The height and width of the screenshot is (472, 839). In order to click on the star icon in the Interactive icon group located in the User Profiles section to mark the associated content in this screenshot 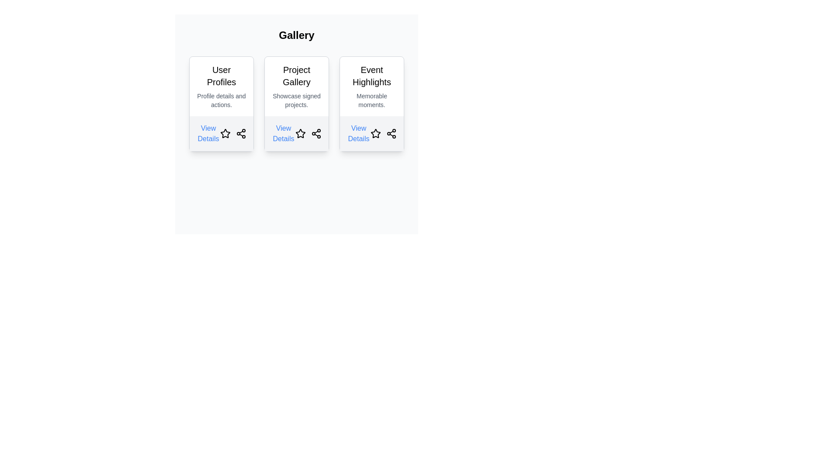, I will do `click(233, 133)`.